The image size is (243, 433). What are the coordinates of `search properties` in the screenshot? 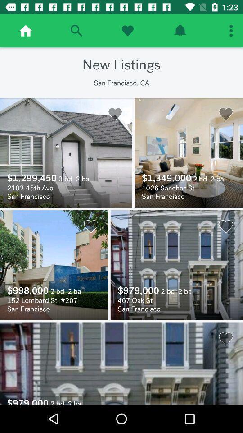 It's located at (76, 31).